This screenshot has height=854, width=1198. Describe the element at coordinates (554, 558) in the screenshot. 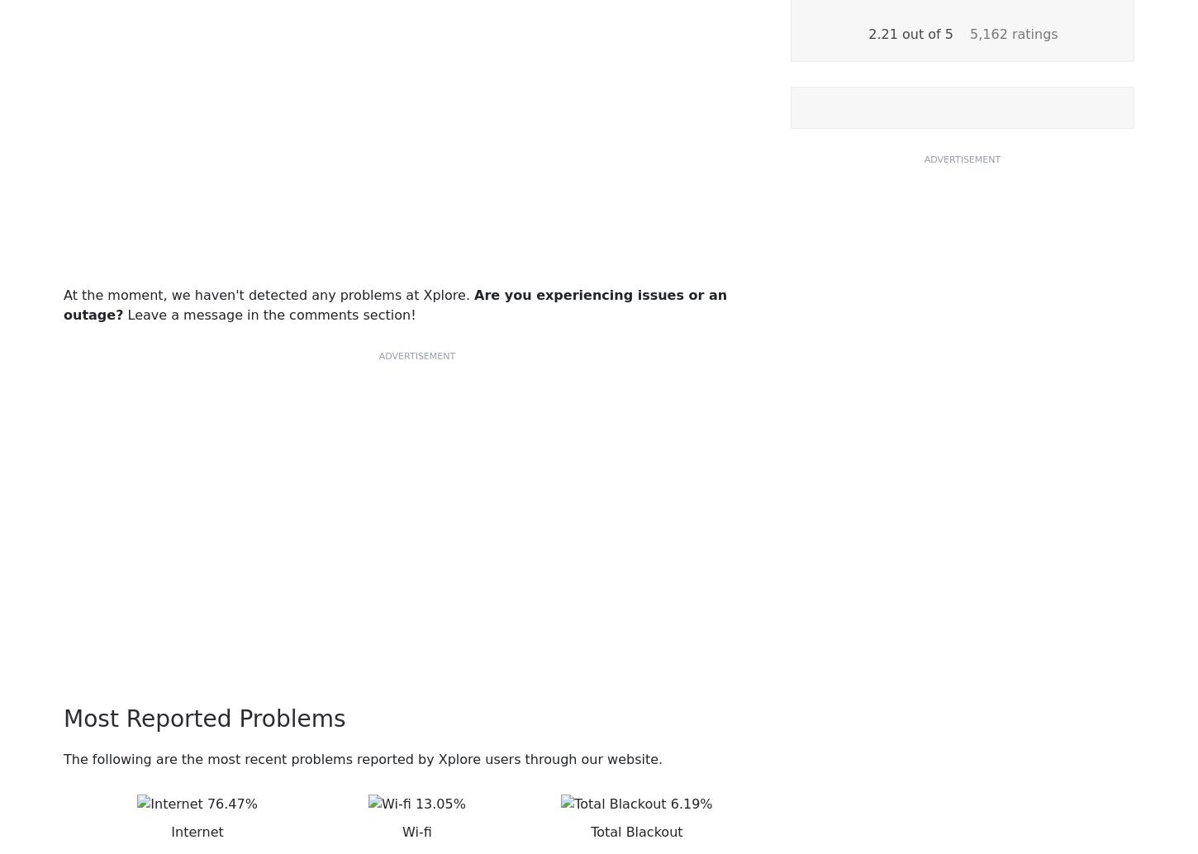

I see `'Resources'` at that location.